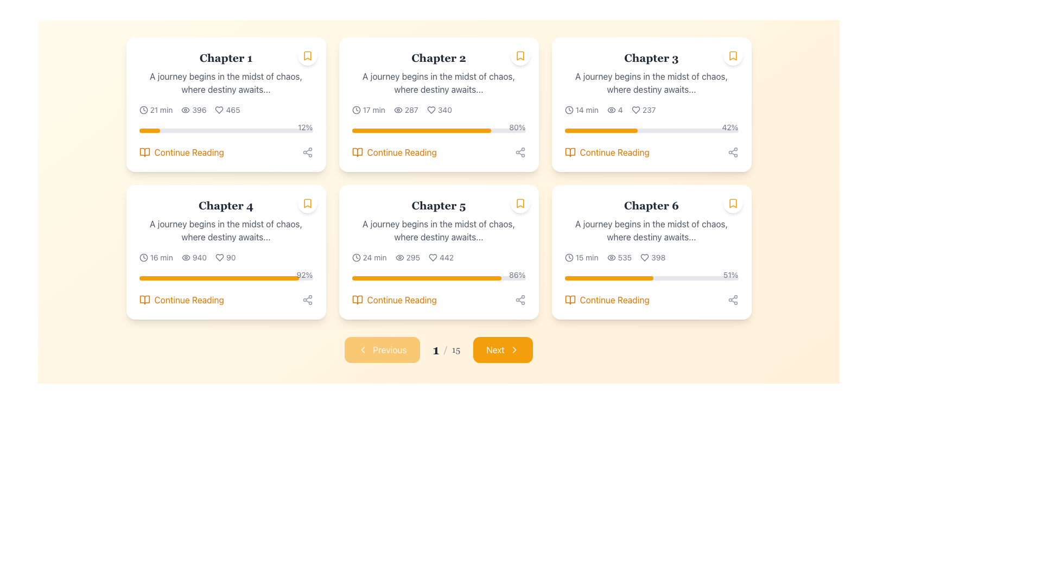 The image size is (1042, 586). What do you see at coordinates (433, 257) in the screenshot?
I see `the favorite icon located next to the number '442' in the details of the card titled 'Chapter 5' in the fifth slot of the grid` at bounding box center [433, 257].